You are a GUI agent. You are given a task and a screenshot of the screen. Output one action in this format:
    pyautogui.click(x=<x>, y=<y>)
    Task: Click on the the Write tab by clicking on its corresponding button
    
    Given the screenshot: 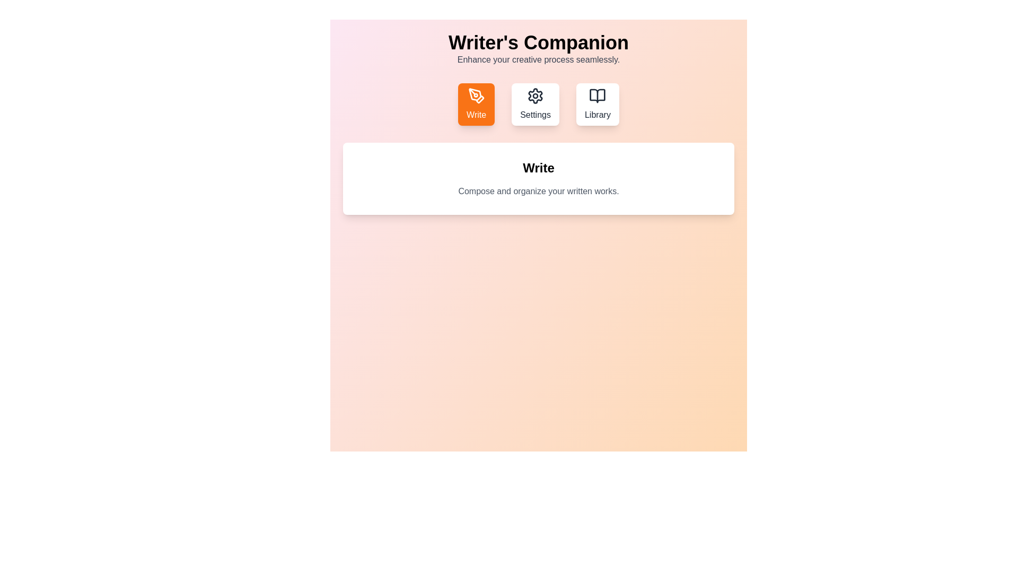 What is the action you would take?
    pyautogui.click(x=476, y=104)
    